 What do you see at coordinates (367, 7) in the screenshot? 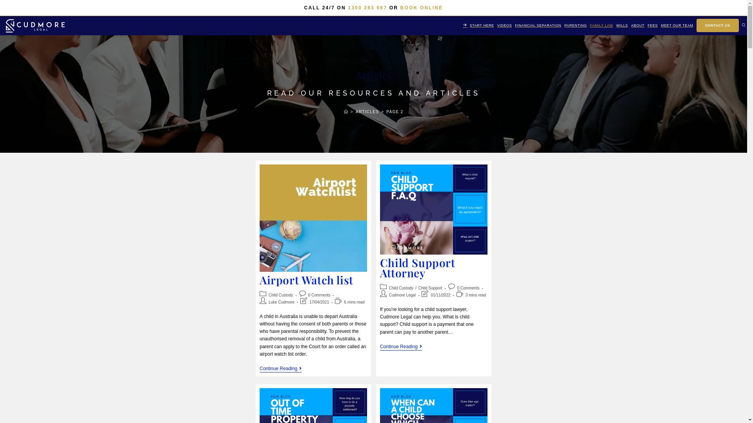
I see `'1300 283 667'` at bounding box center [367, 7].